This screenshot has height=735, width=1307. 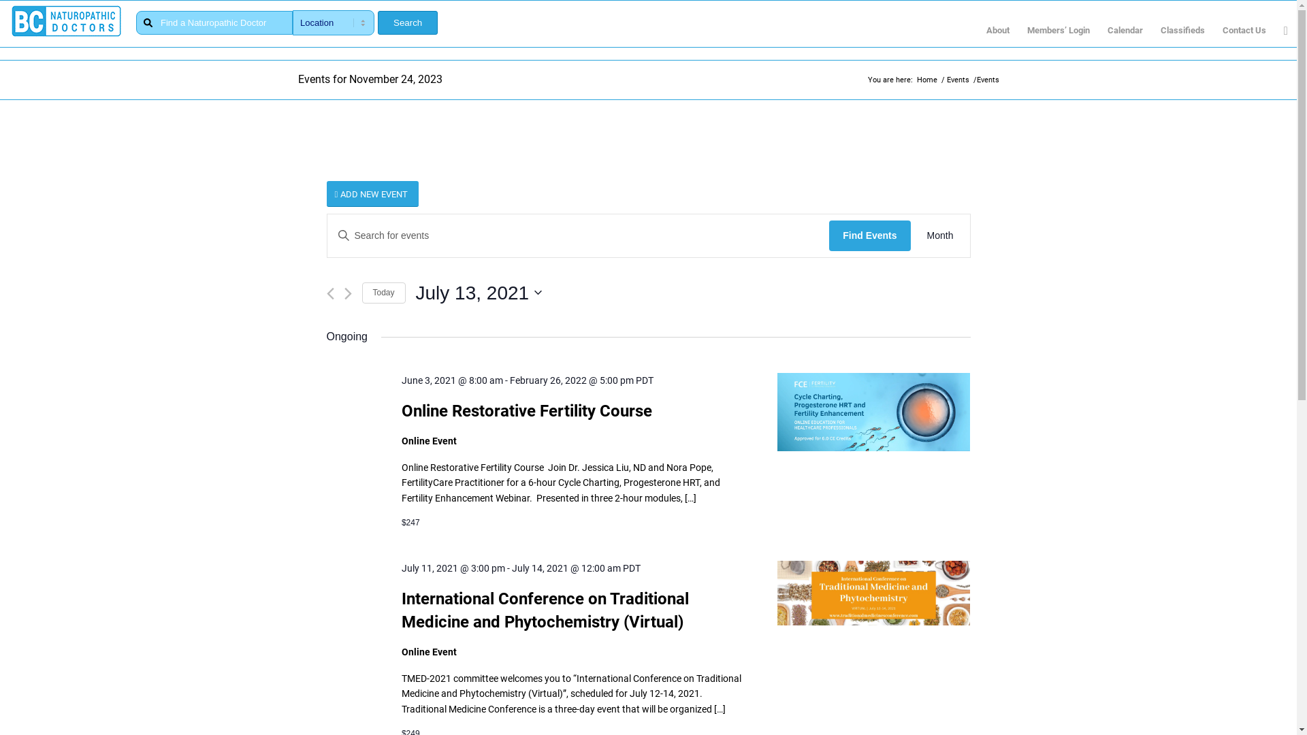 I want to click on 'Month', so click(x=939, y=235).